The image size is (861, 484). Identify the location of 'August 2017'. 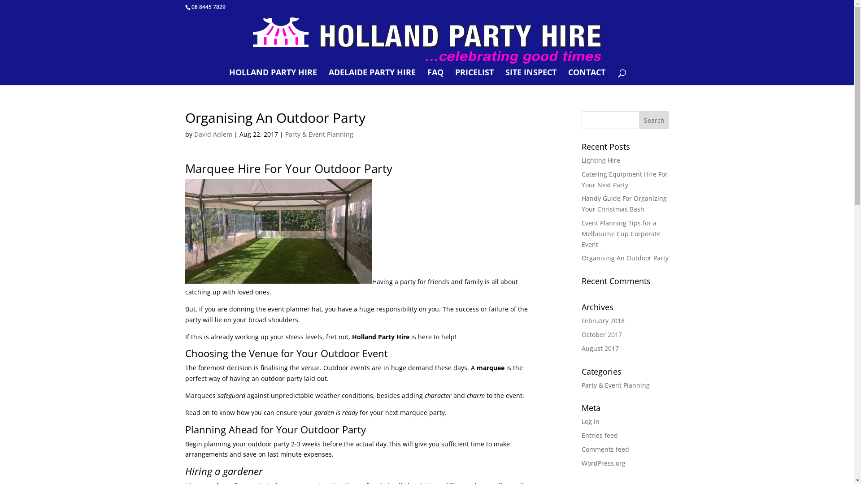
(581, 348).